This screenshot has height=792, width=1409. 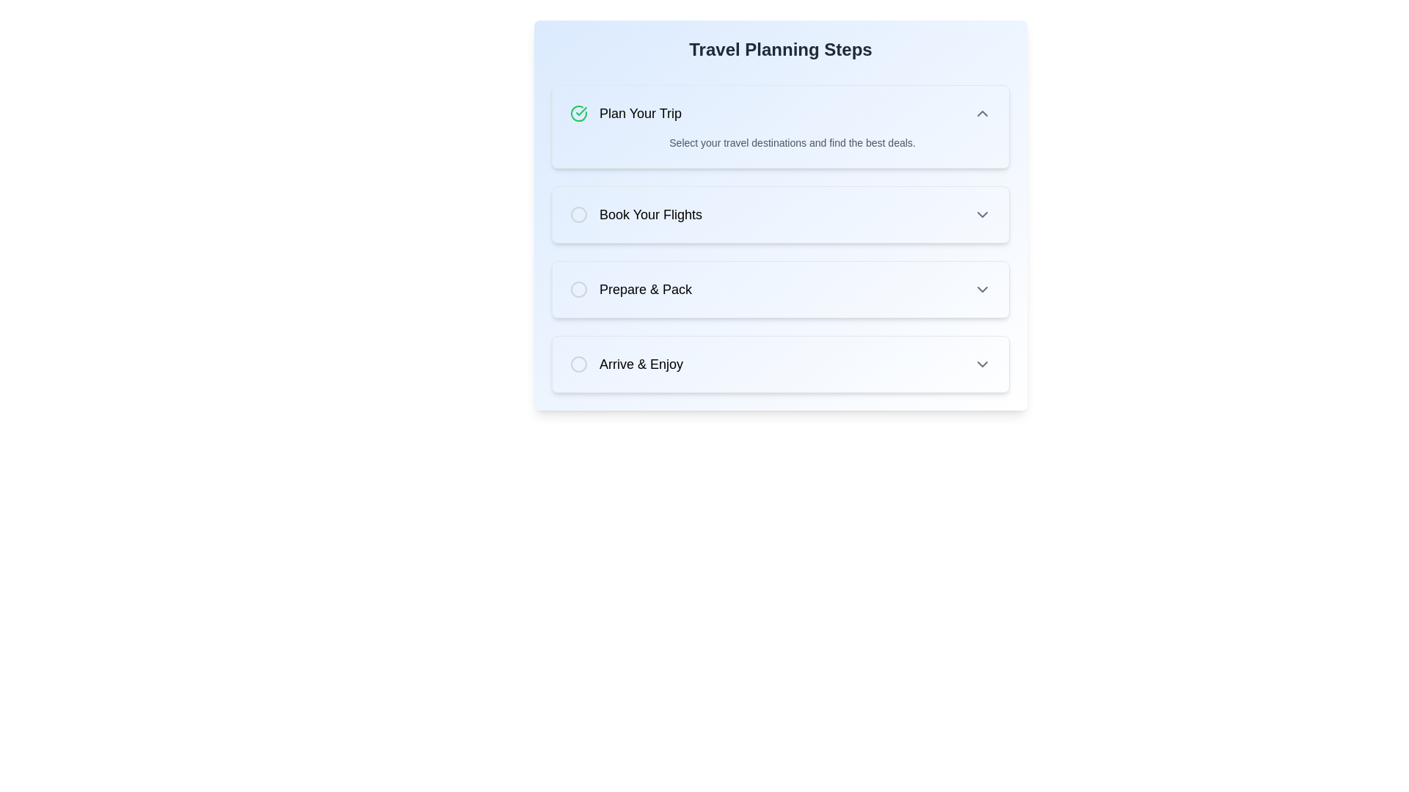 What do you see at coordinates (983, 289) in the screenshot?
I see `the downward-pointing chevron icon located to the far right of the 'Prepare & Pack' text` at bounding box center [983, 289].